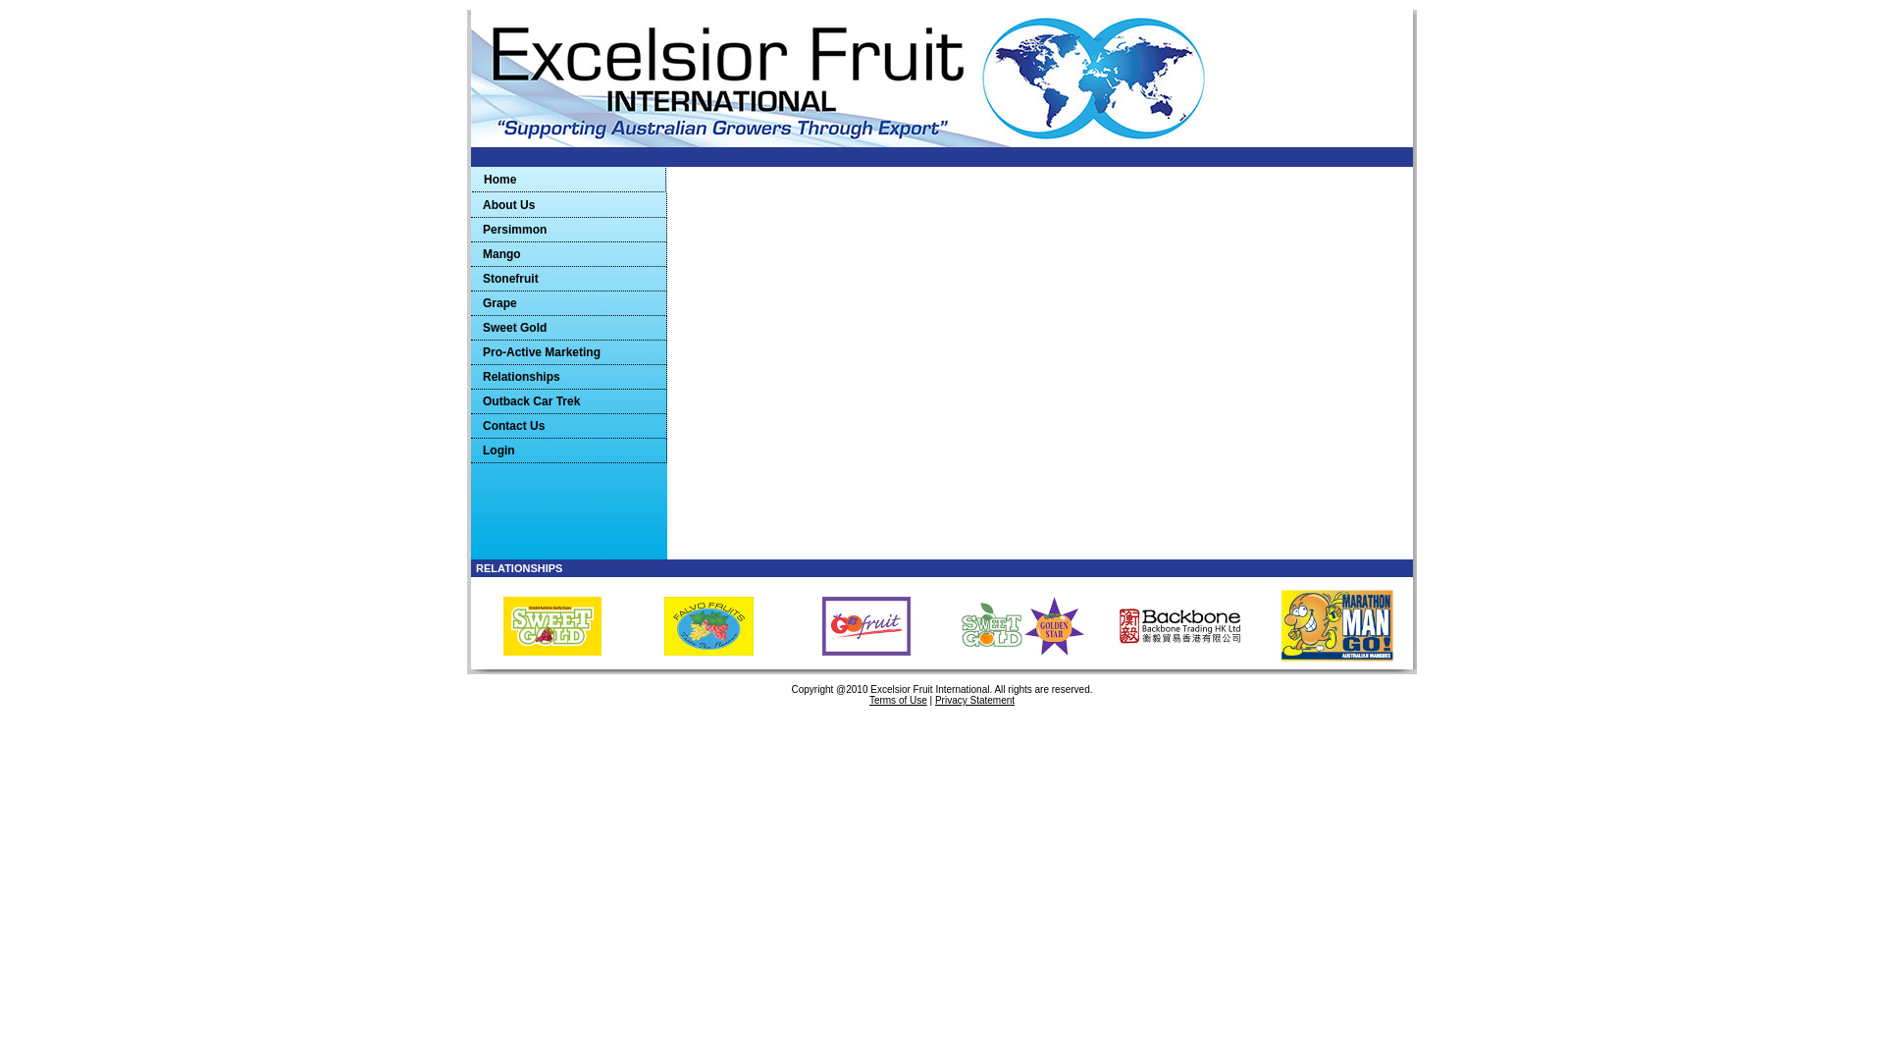  Describe the element at coordinates (568, 180) in the screenshot. I see `'Home'` at that location.